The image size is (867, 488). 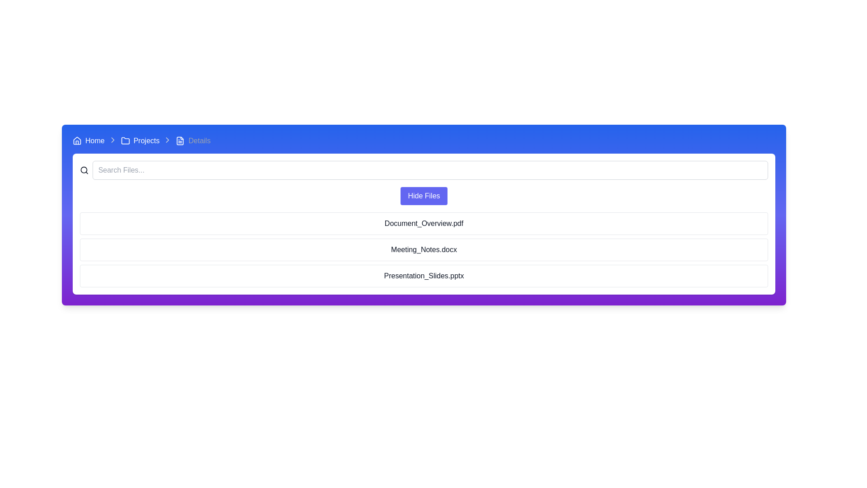 I want to click on the Breadcrumb link with icon and label at the rightmost end of the breadcrumb navigation bar for navigation to the 'Details' section, so click(x=192, y=141).